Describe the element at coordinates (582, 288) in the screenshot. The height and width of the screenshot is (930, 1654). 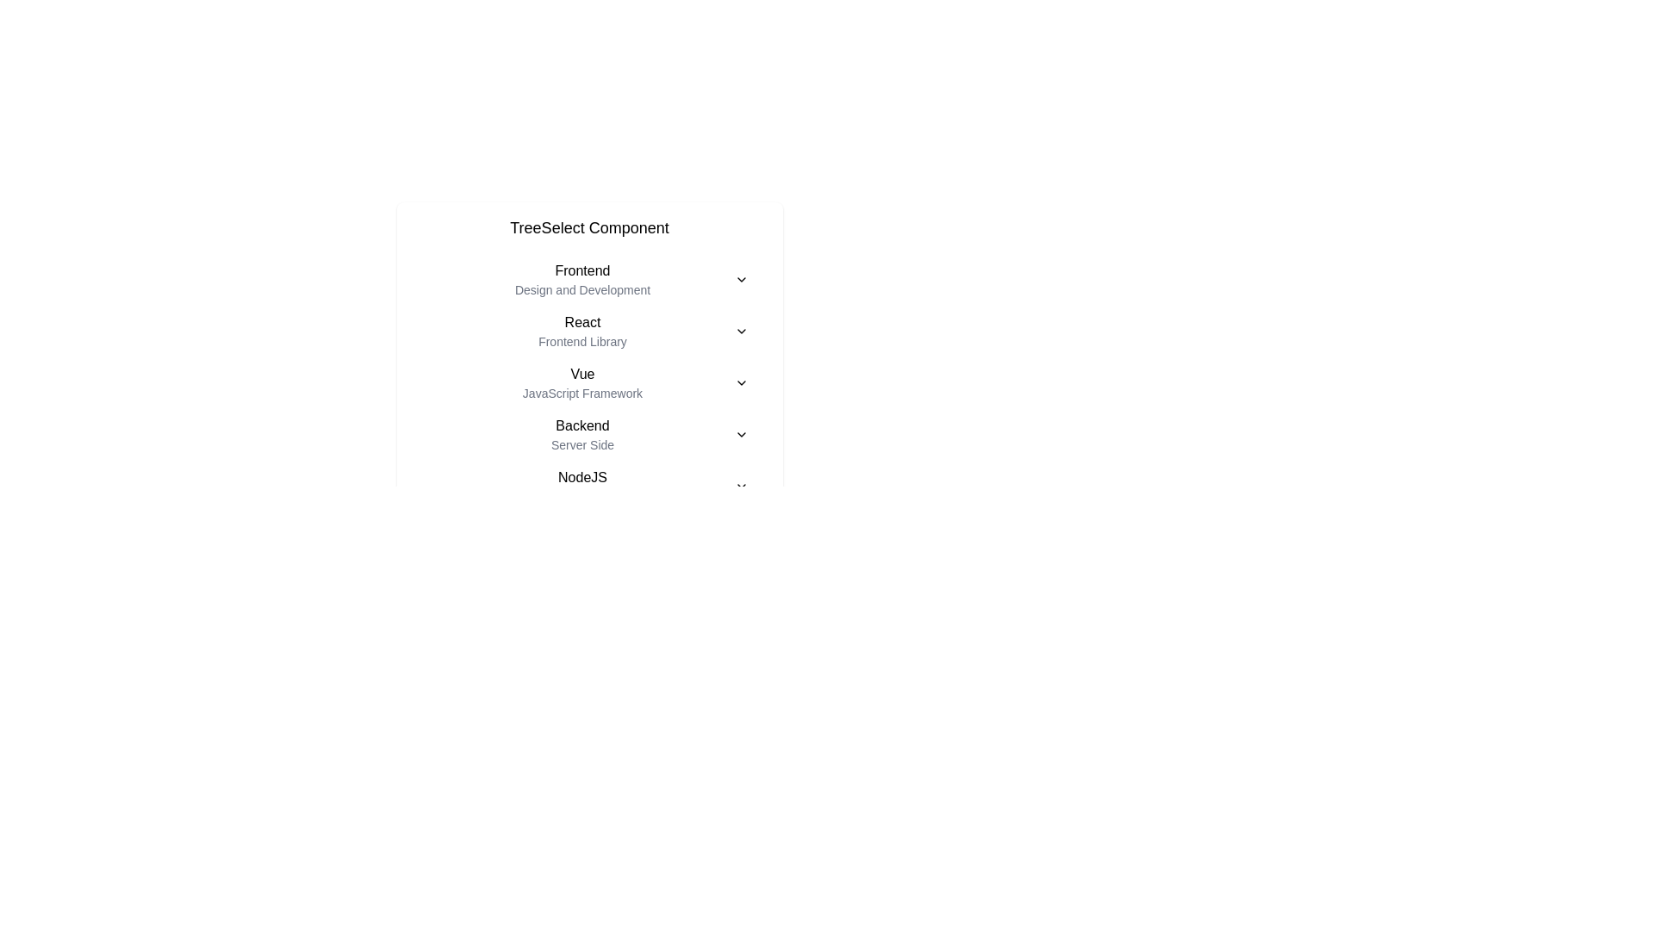
I see `the text label displaying 'Design and Development', which is styled with a smaller font size and gray color, located beneath the 'Frontend' heading in a tree-like interface` at that location.